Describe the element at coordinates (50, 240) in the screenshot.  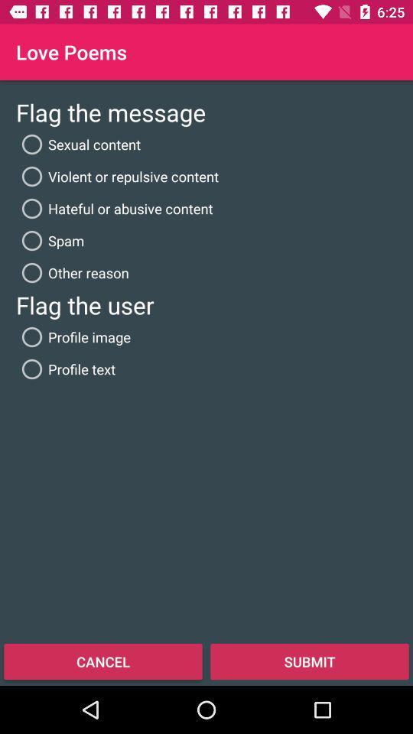
I see `spam radio button` at that location.